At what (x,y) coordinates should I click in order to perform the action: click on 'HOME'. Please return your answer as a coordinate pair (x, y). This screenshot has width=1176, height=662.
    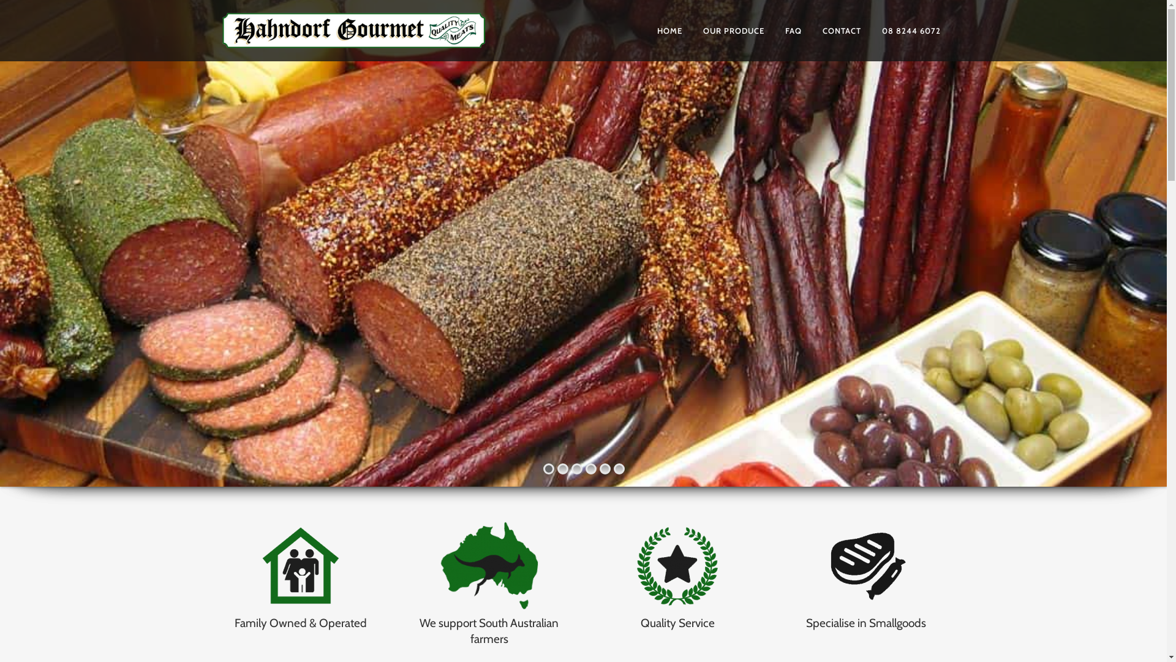
    Looking at the image, I should click on (669, 30).